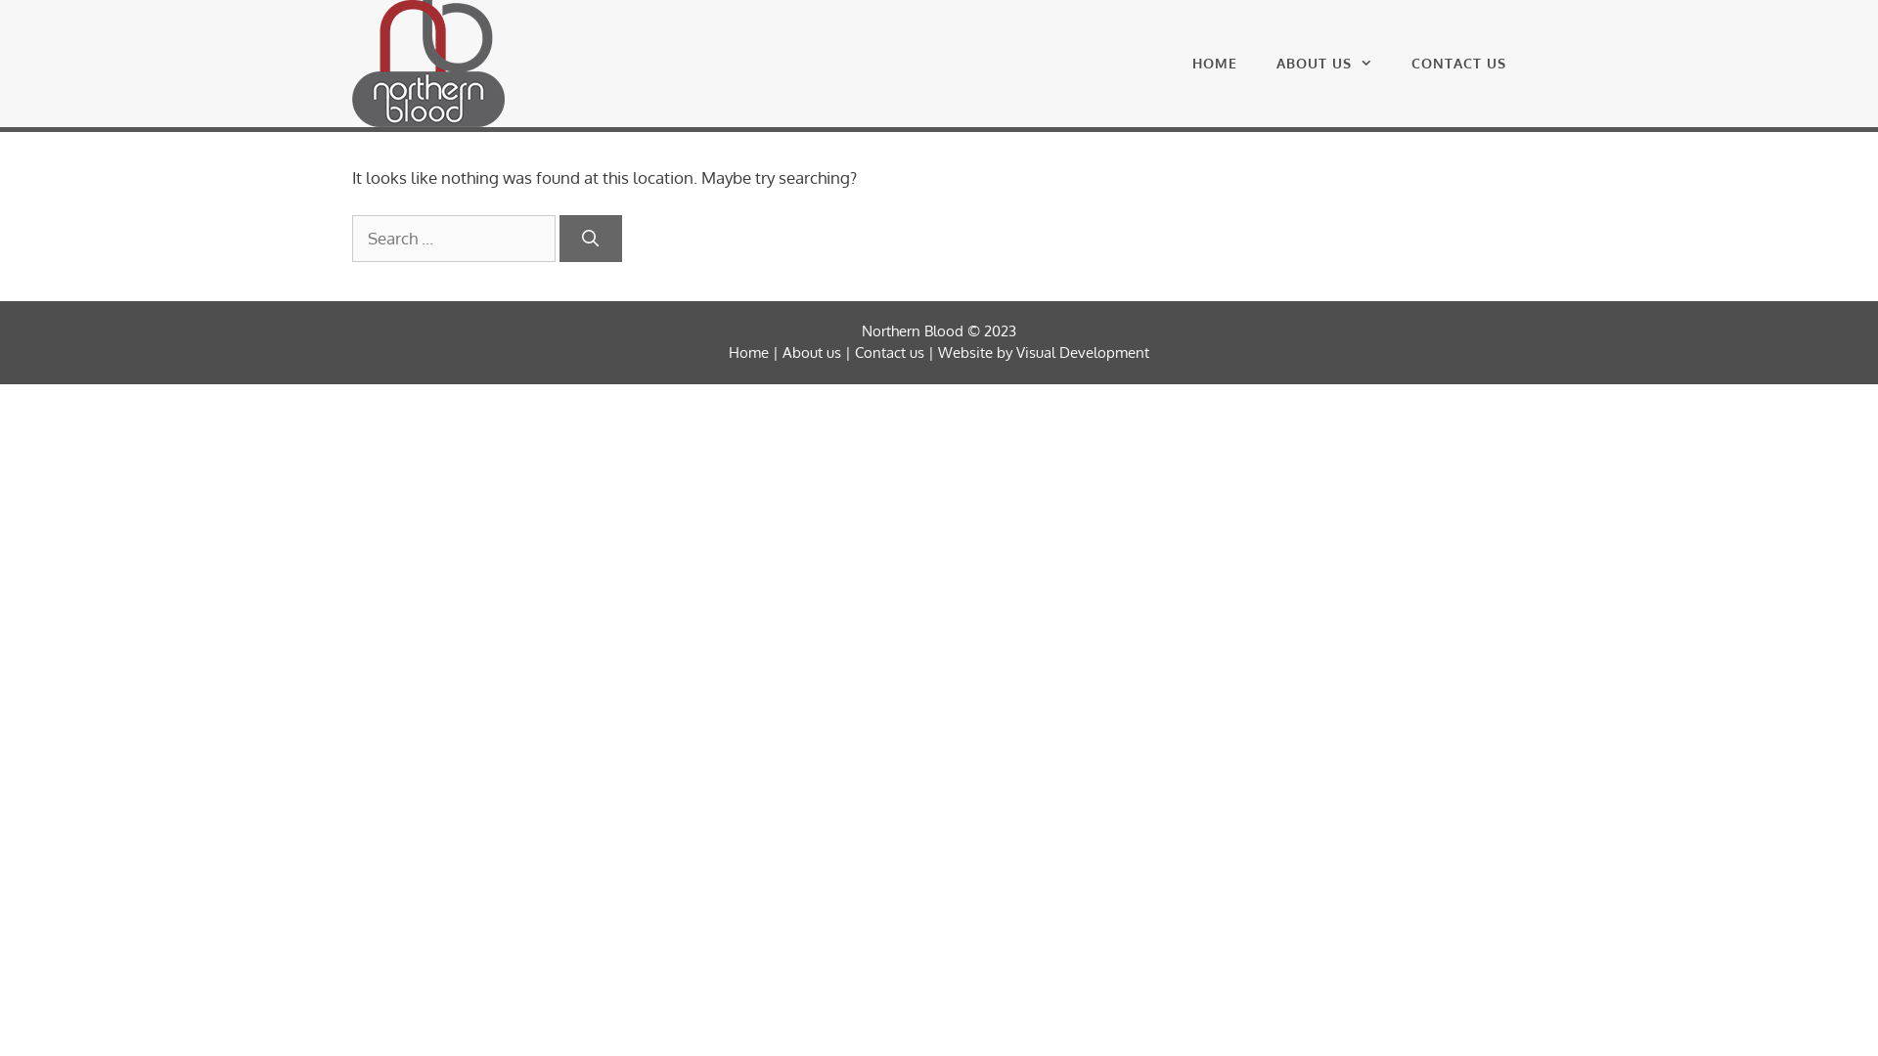 The width and height of the screenshot is (1878, 1056). What do you see at coordinates (453, 237) in the screenshot?
I see `'Search for:'` at bounding box center [453, 237].